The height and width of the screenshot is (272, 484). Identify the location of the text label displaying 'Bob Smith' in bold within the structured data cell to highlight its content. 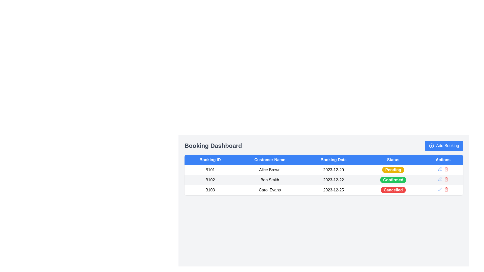
(269, 180).